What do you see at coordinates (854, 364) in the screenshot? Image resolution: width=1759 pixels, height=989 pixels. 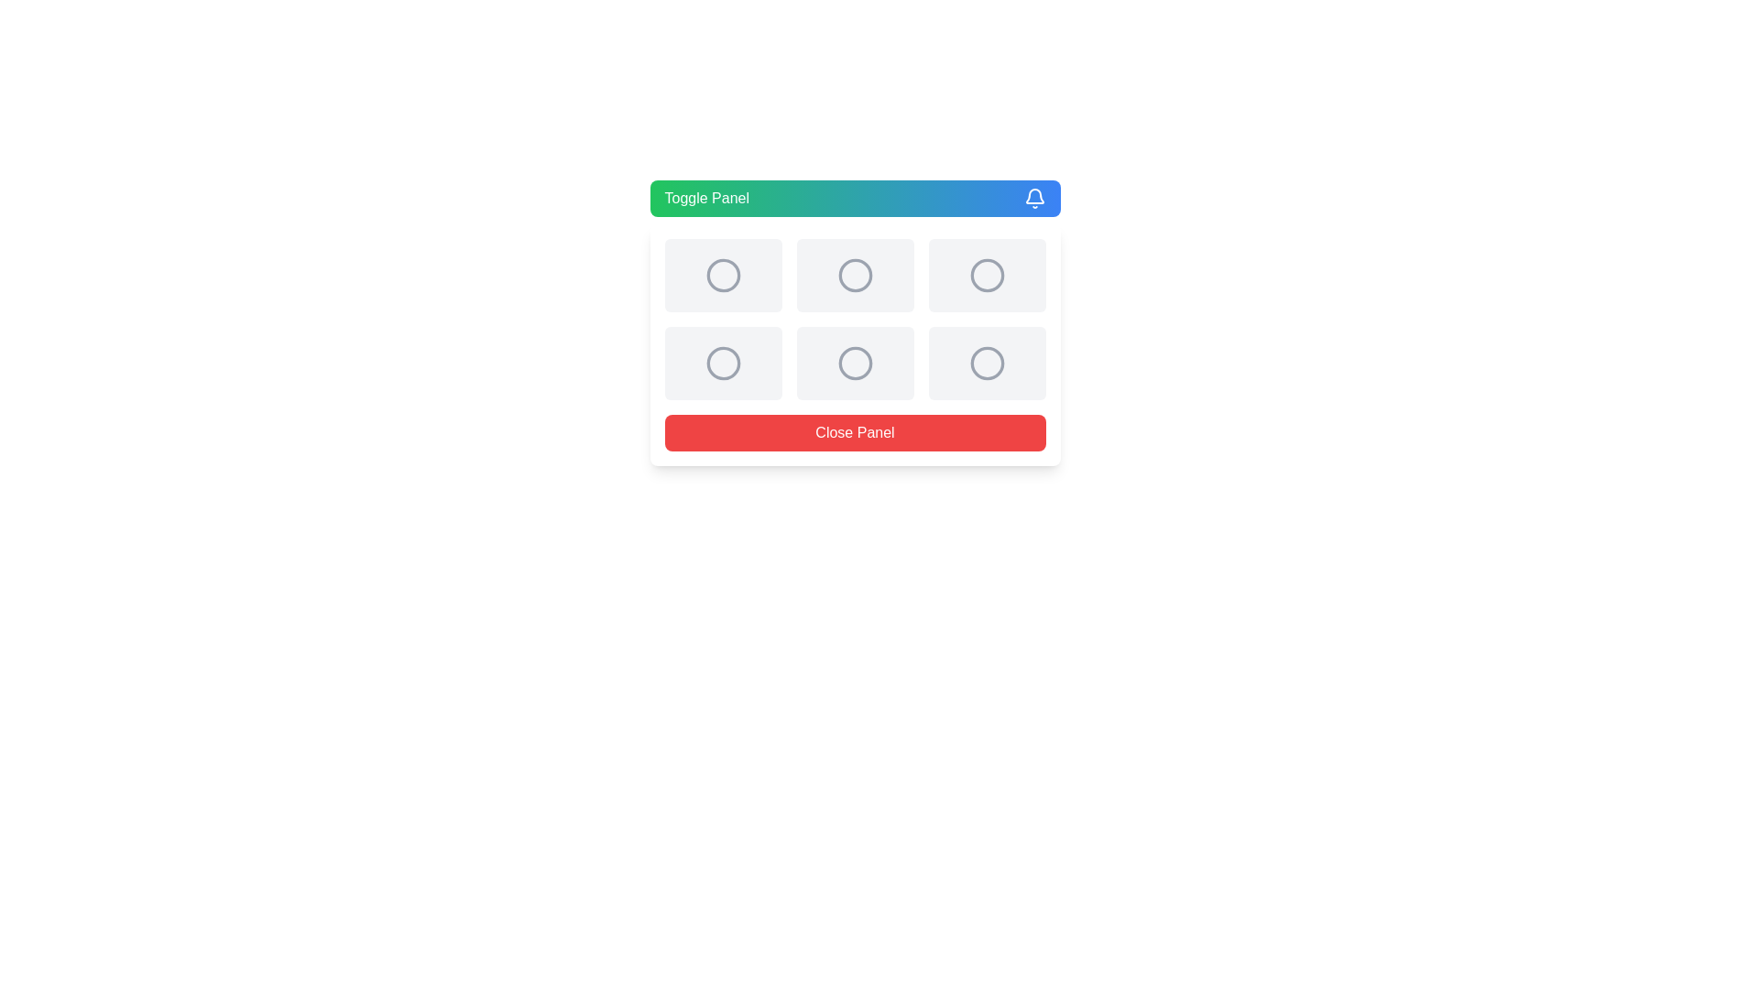 I see `the central button located in the second row and second column of the grid` at bounding box center [854, 364].